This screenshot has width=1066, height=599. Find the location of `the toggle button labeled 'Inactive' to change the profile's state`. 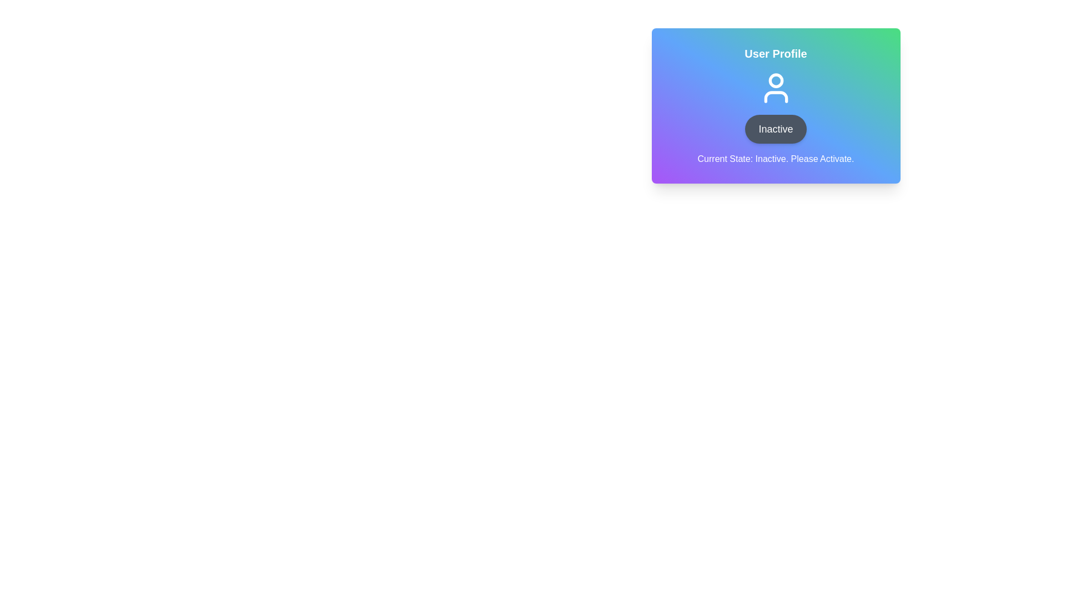

the toggle button labeled 'Inactive' to change the profile's state is located at coordinates (775, 128).